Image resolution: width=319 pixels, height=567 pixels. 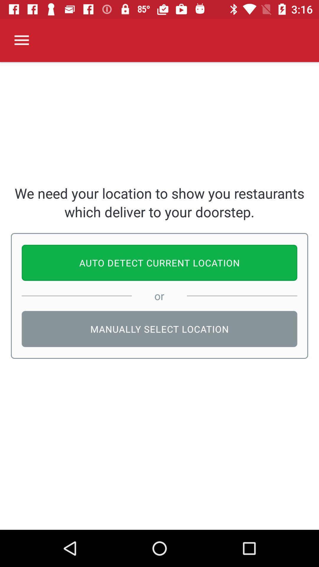 What do you see at coordinates (159, 262) in the screenshot?
I see `the icon above or` at bounding box center [159, 262].